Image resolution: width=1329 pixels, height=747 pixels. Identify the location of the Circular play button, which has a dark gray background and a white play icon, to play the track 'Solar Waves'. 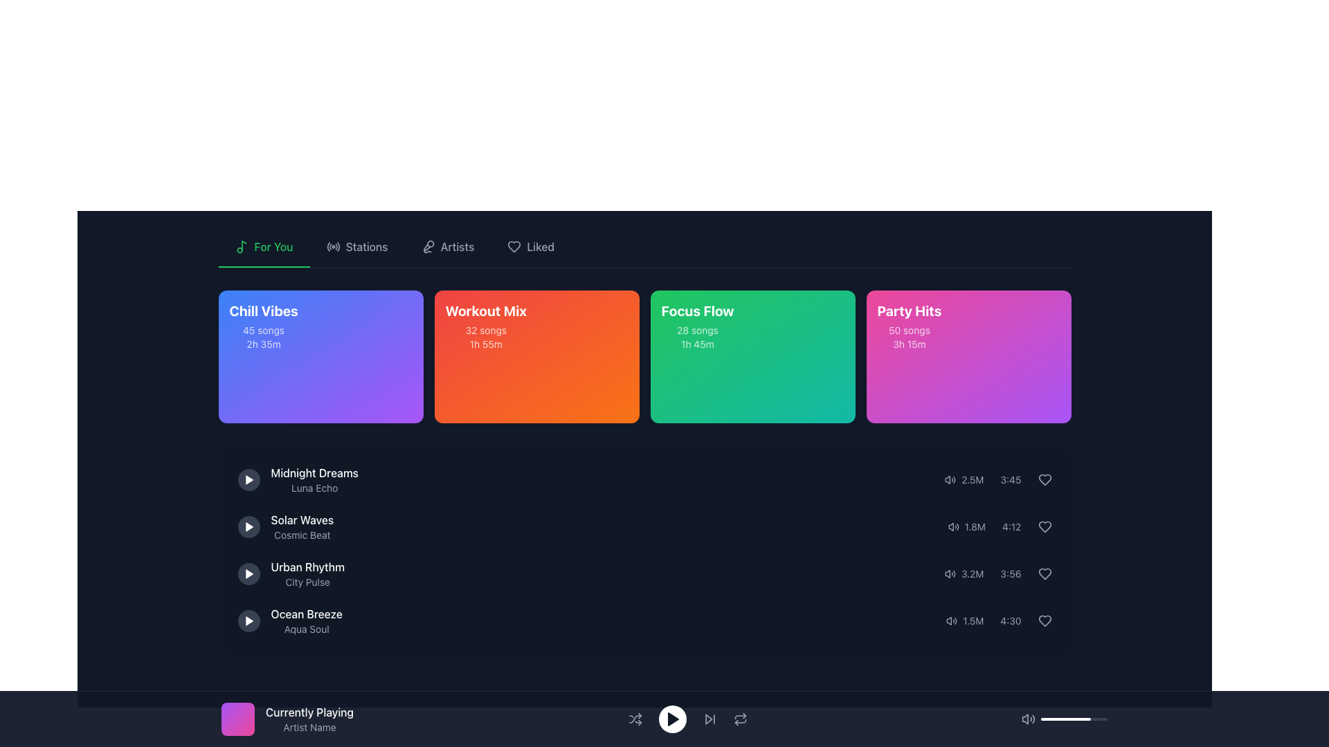
(248, 527).